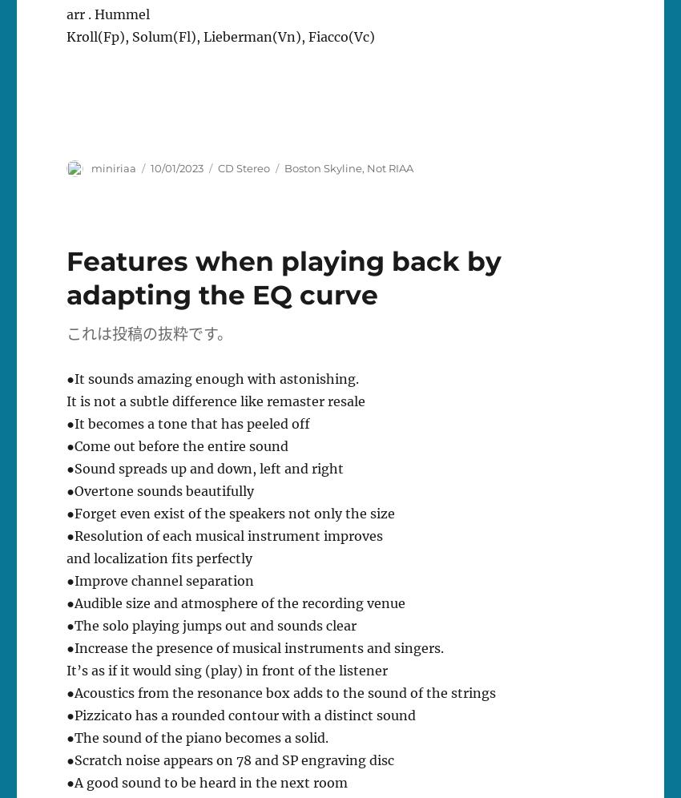  I want to click on '●Overtone sounds beautifully', so click(159, 491).